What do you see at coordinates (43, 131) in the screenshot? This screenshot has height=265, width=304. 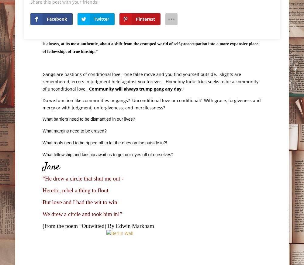 I see `'What margins need to be erased?'` at bounding box center [43, 131].